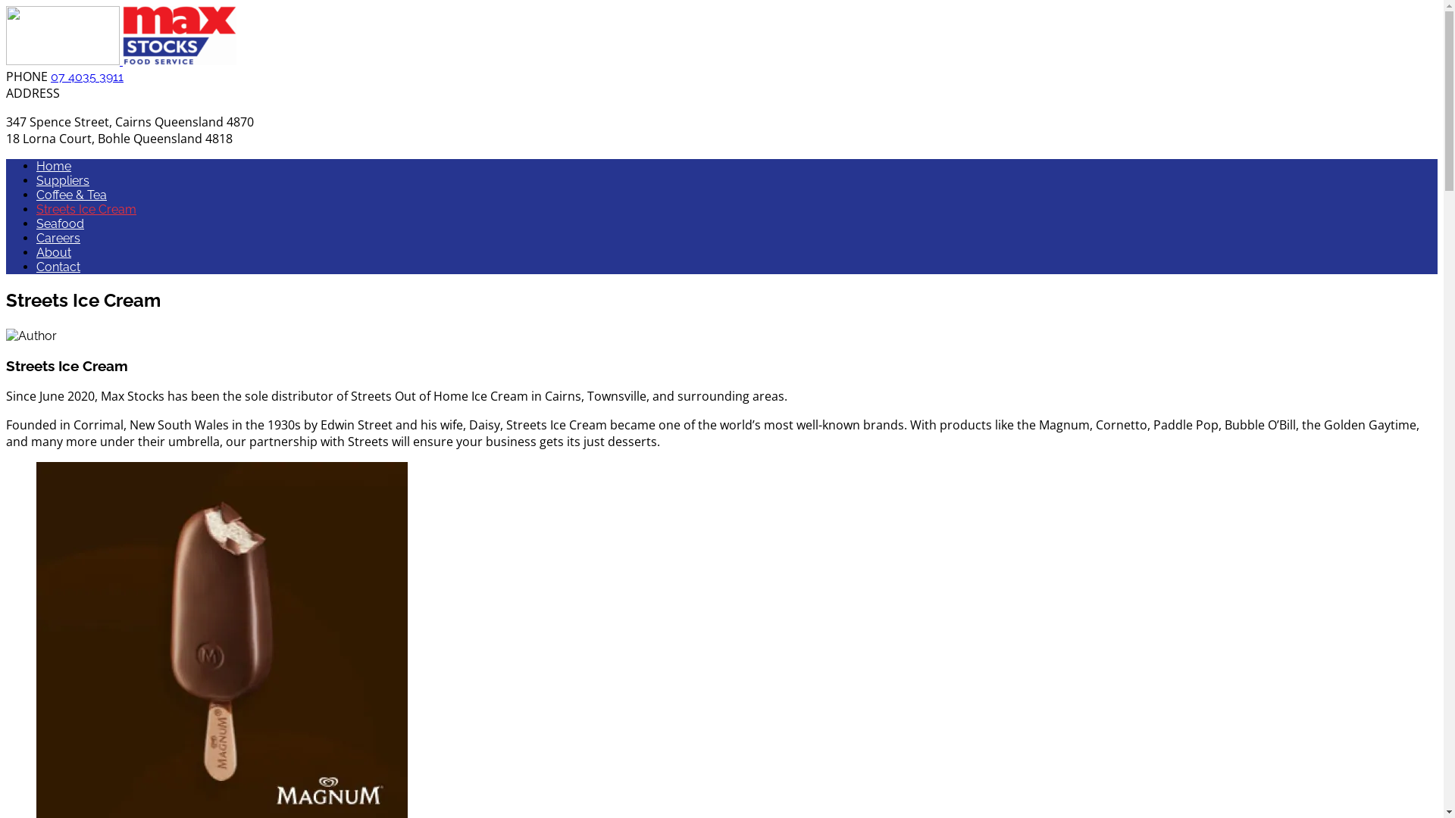 The height and width of the screenshot is (818, 1455). I want to click on 'Home', so click(54, 166).